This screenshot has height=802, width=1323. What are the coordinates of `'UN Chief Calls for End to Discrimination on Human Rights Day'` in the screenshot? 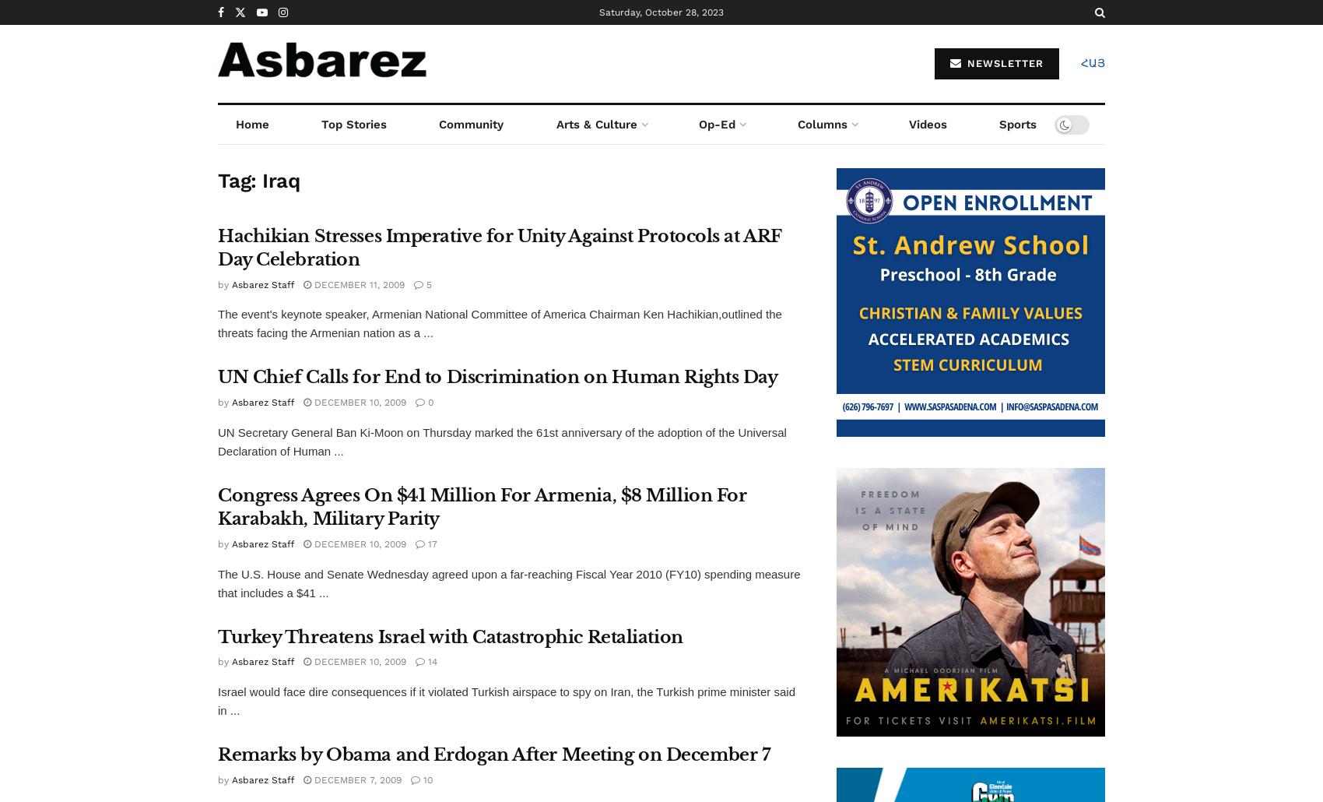 It's located at (497, 376).